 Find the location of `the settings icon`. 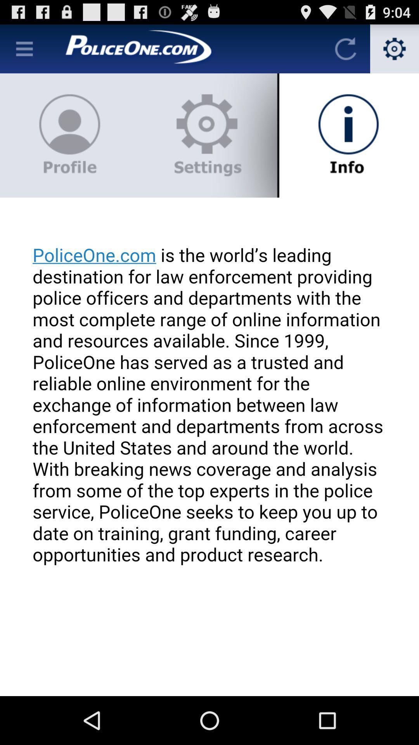

the settings icon is located at coordinates (395, 52).